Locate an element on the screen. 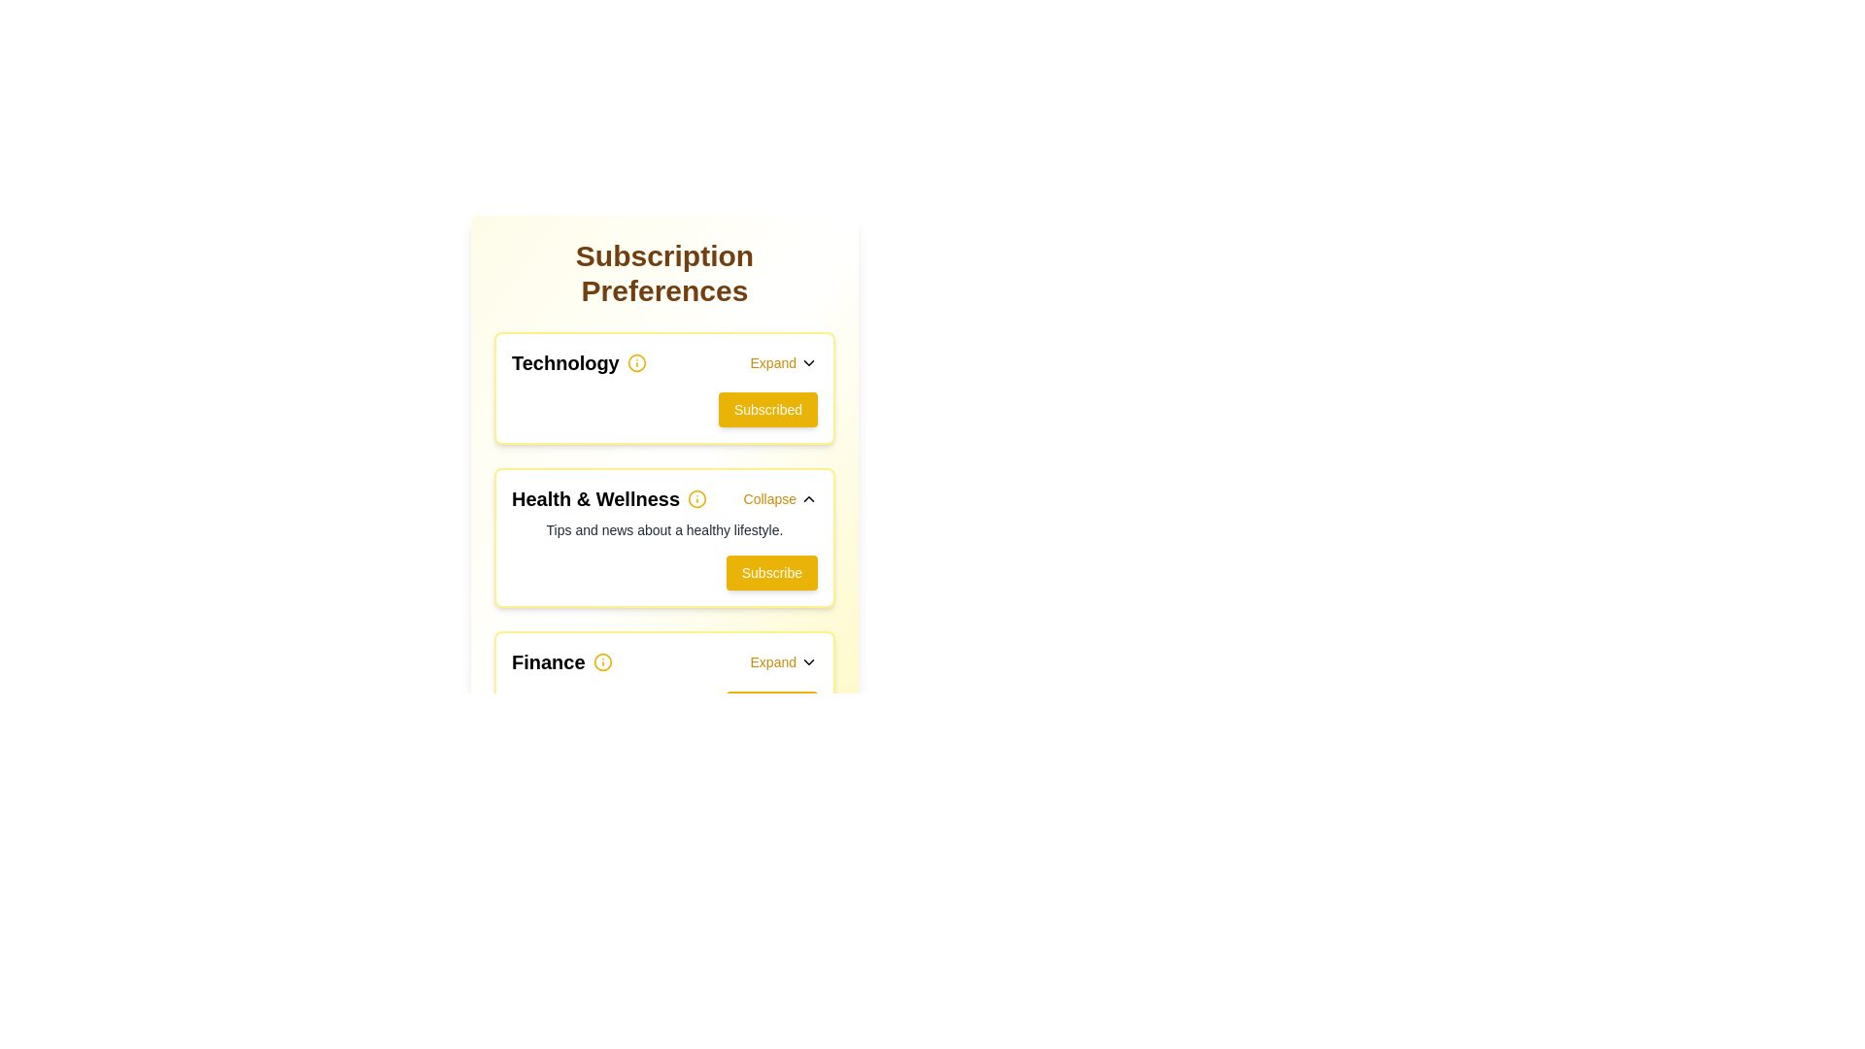  the 'Technology' text label with accompanying icon is located at coordinates (578, 363).